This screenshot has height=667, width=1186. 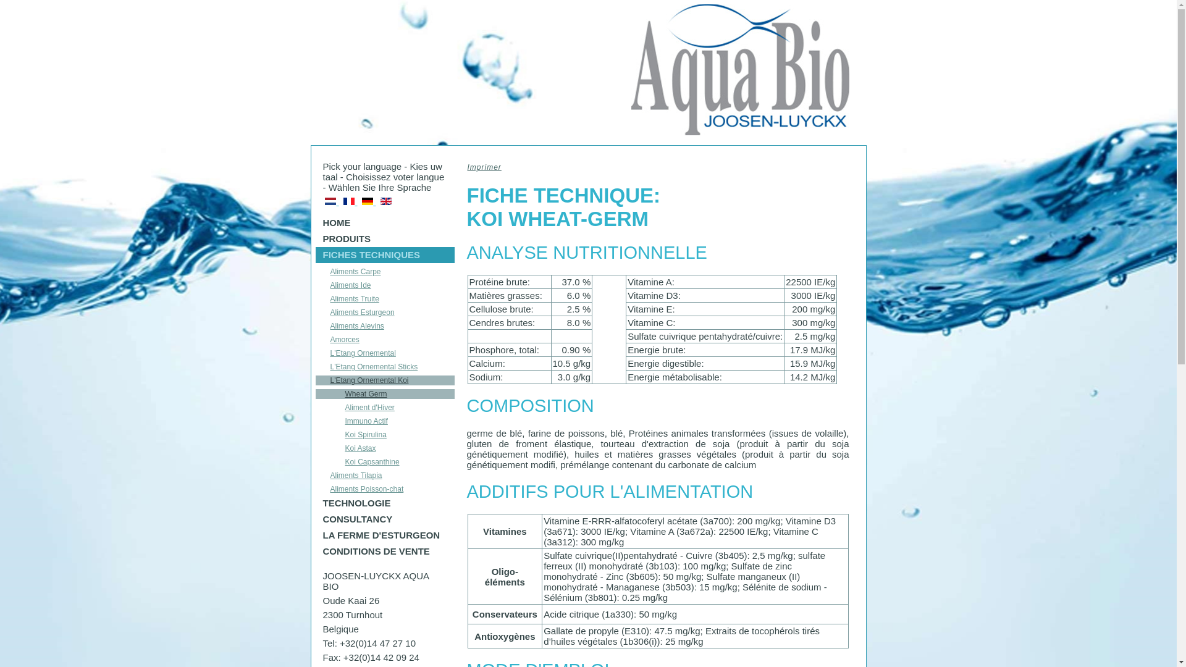 What do you see at coordinates (384, 462) in the screenshot?
I see `'Koi Capsanthine'` at bounding box center [384, 462].